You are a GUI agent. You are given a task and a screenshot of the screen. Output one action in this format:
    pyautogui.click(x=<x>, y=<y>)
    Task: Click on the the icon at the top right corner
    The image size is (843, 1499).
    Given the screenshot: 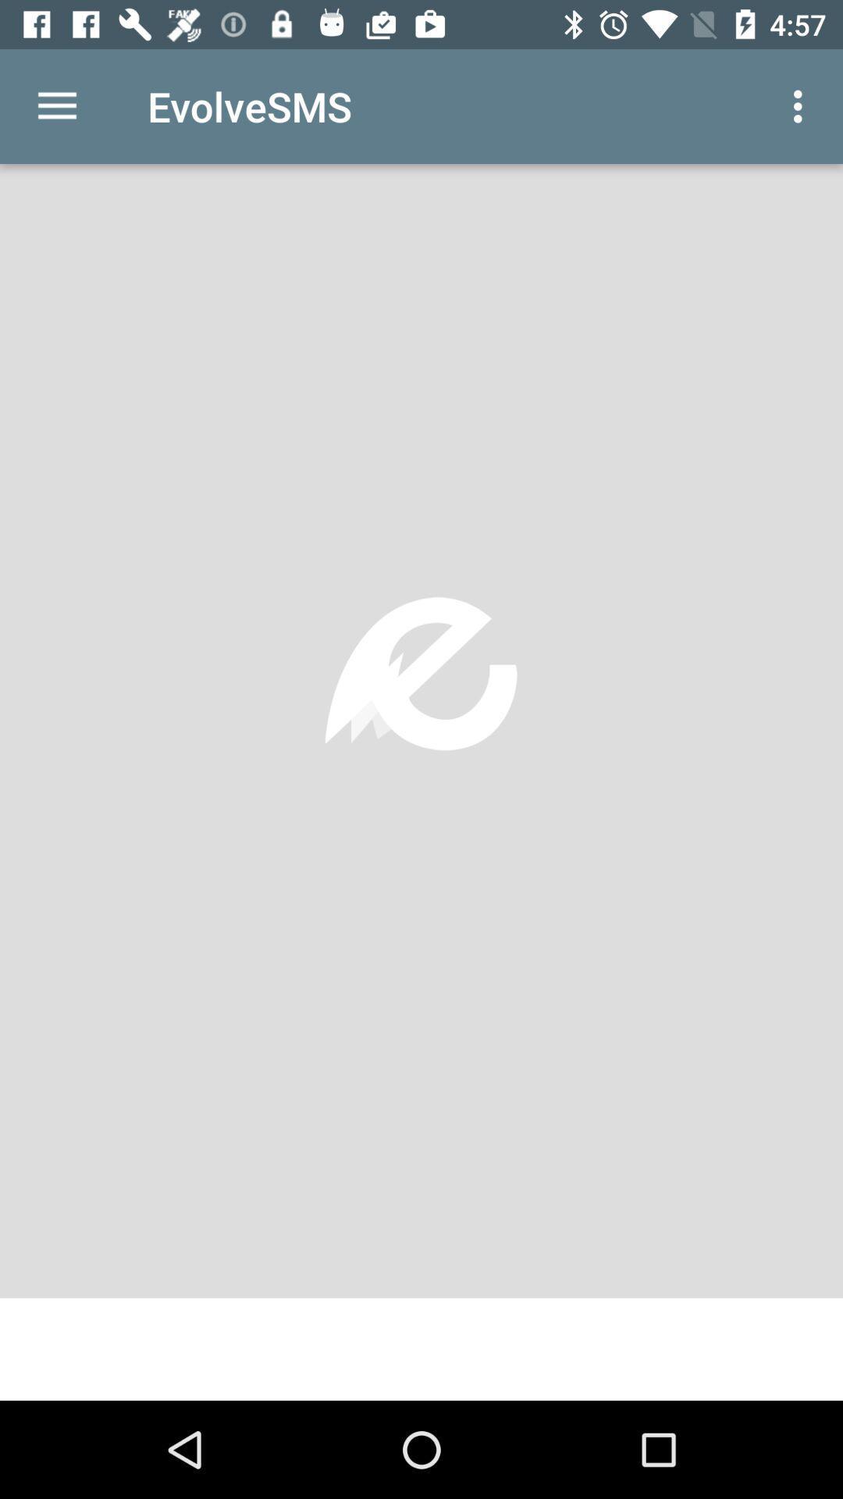 What is the action you would take?
    pyautogui.click(x=802, y=105)
    